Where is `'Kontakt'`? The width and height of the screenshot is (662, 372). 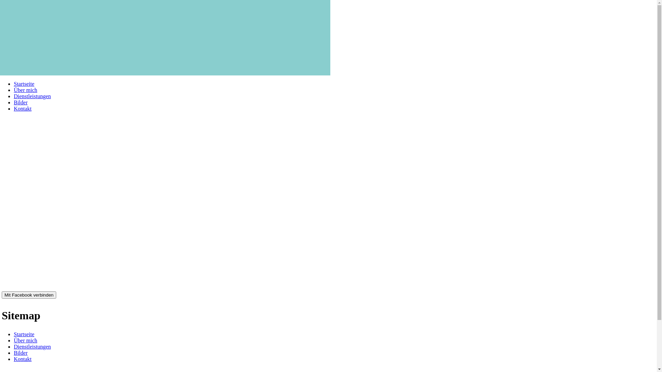
'Kontakt' is located at coordinates (23, 108).